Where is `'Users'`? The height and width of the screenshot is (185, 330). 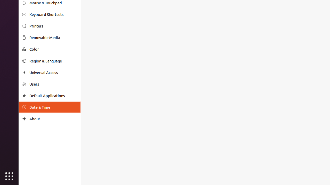
'Users' is located at coordinates (53, 84).